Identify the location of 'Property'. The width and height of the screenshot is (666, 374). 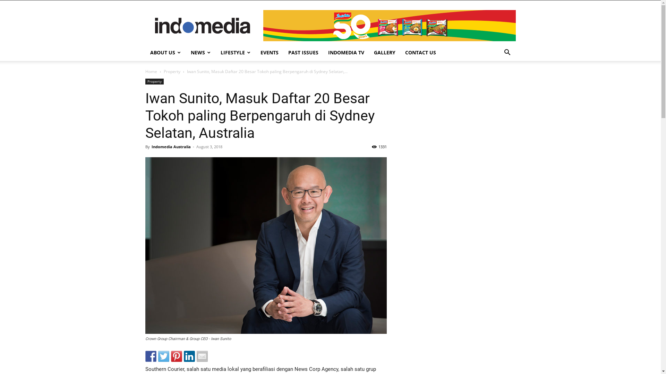
(172, 71).